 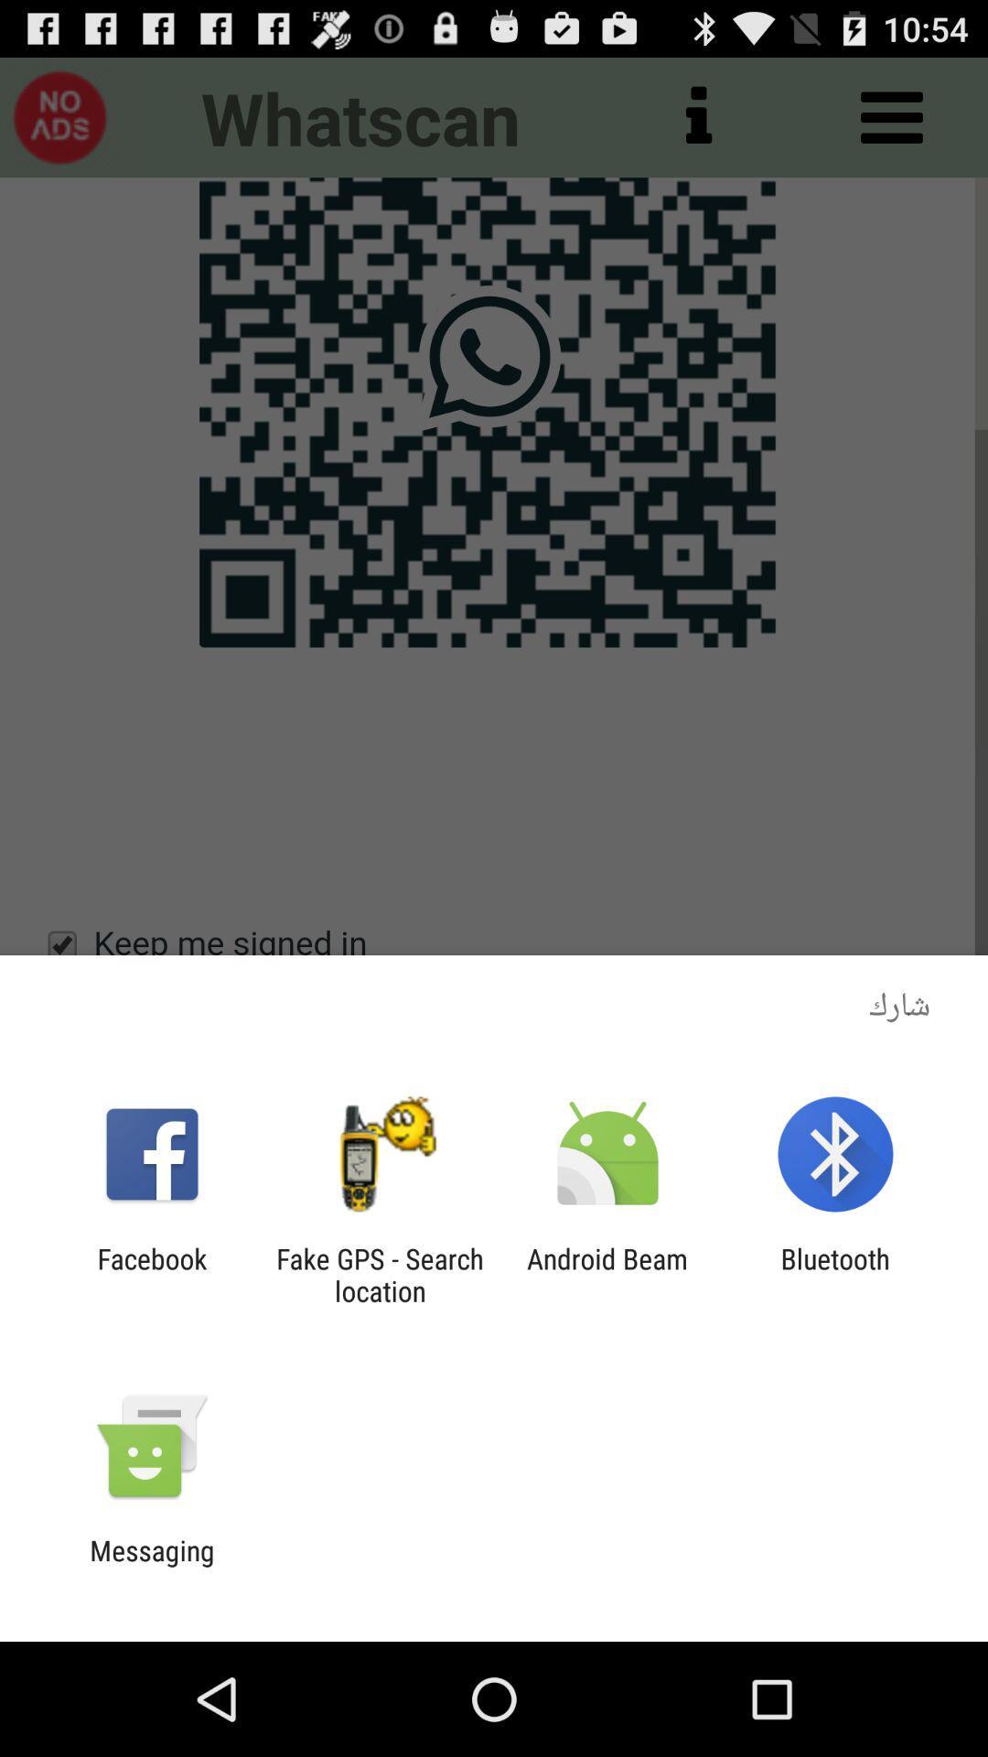 I want to click on the app next to android beam, so click(x=835, y=1274).